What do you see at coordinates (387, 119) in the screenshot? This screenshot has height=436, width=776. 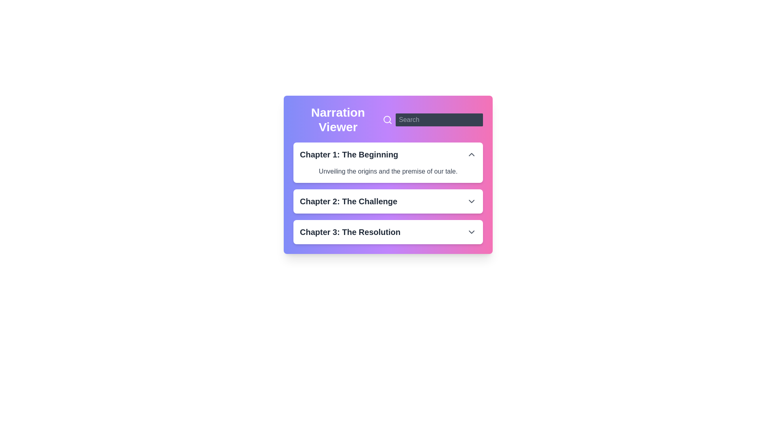 I see `the circular decorative component of the search icon located near the top-right corner of the interface` at bounding box center [387, 119].